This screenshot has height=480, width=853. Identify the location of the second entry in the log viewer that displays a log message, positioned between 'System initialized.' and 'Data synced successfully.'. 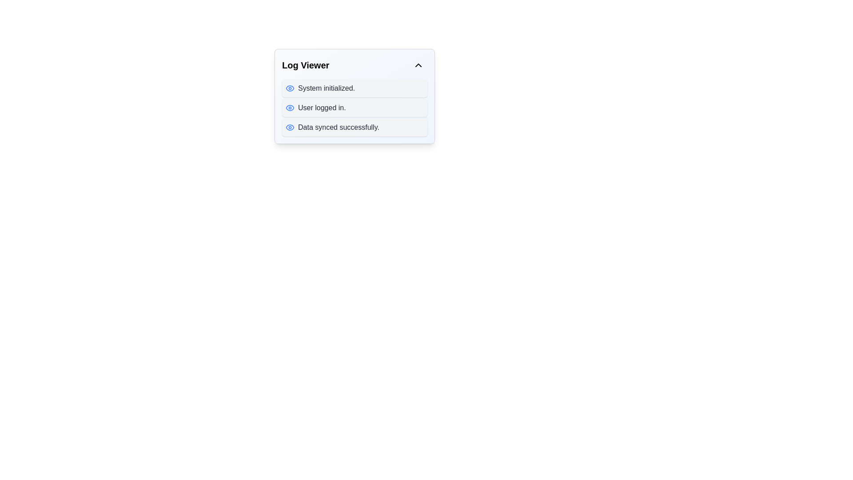
(354, 108).